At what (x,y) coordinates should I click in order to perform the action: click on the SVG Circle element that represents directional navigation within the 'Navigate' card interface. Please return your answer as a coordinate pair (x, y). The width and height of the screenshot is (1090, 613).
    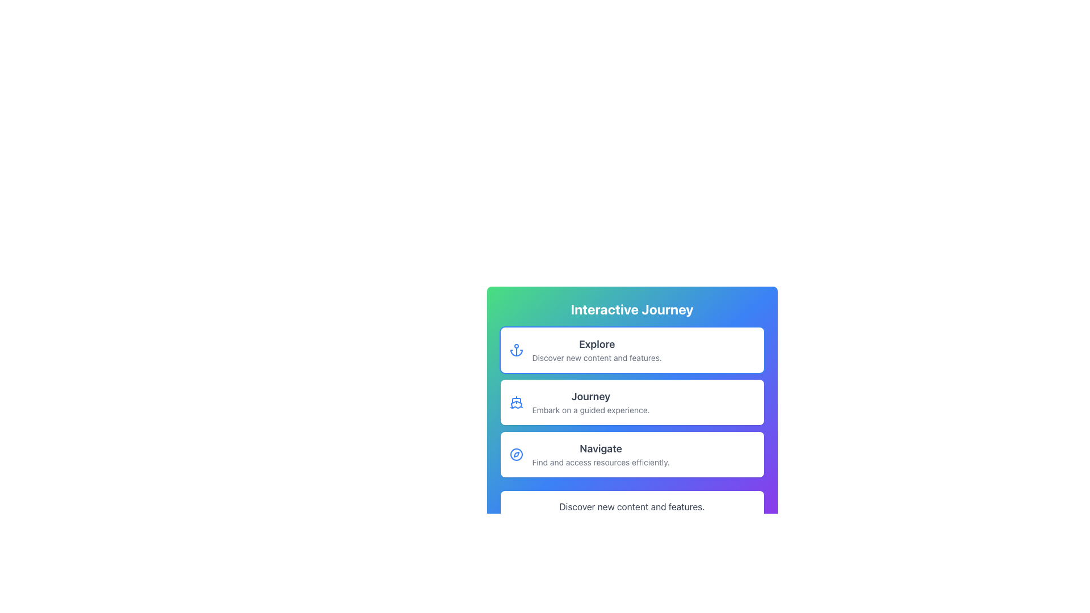
    Looking at the image, I should click on (515, 454).